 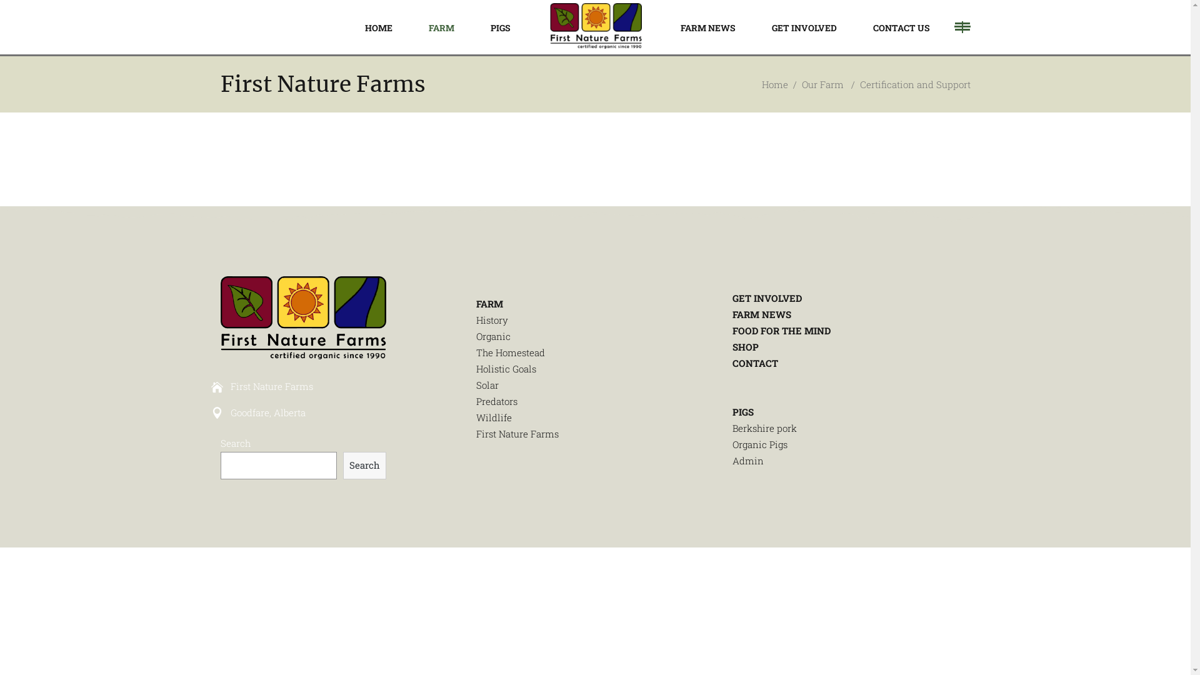 I want to click on 'Admin', so click(x=732, y=460).